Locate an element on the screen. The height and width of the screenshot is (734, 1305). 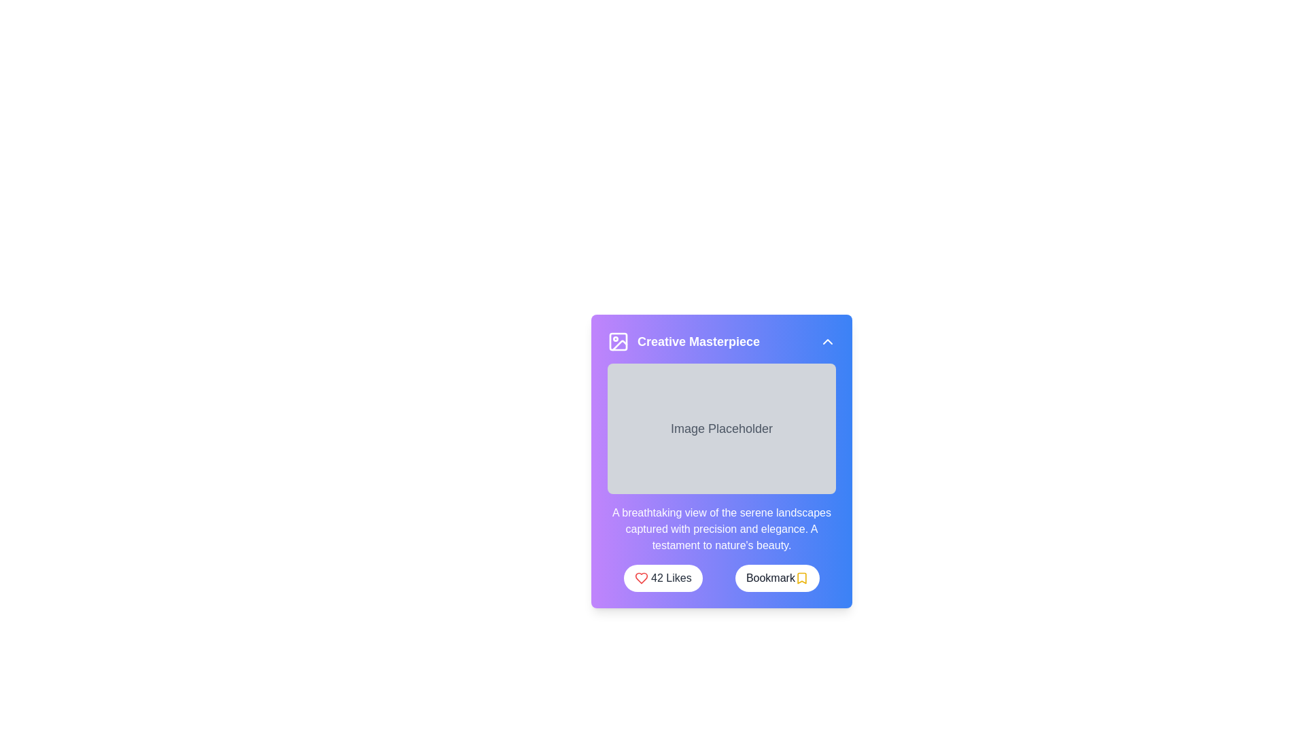
the image placeholder located in the 'Creative Masterpiece' section, which is positioned above the descriptive text and buttons labeled '42 Likes' and 'Bookmark.' is located at coordinates (720, 429).